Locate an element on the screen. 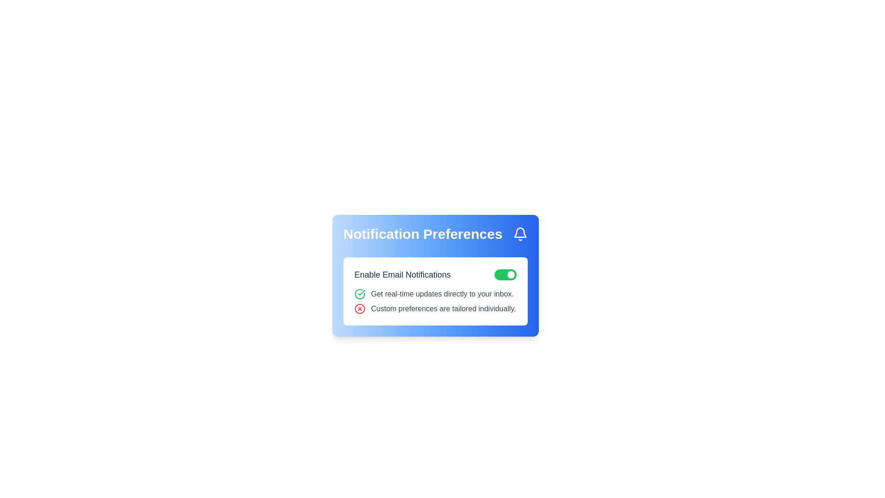  the static information text with the message 'Get real-time updates directly to your inbox.' located under the 'Enable Email Notifications' section is located at coordinates (435, 294).